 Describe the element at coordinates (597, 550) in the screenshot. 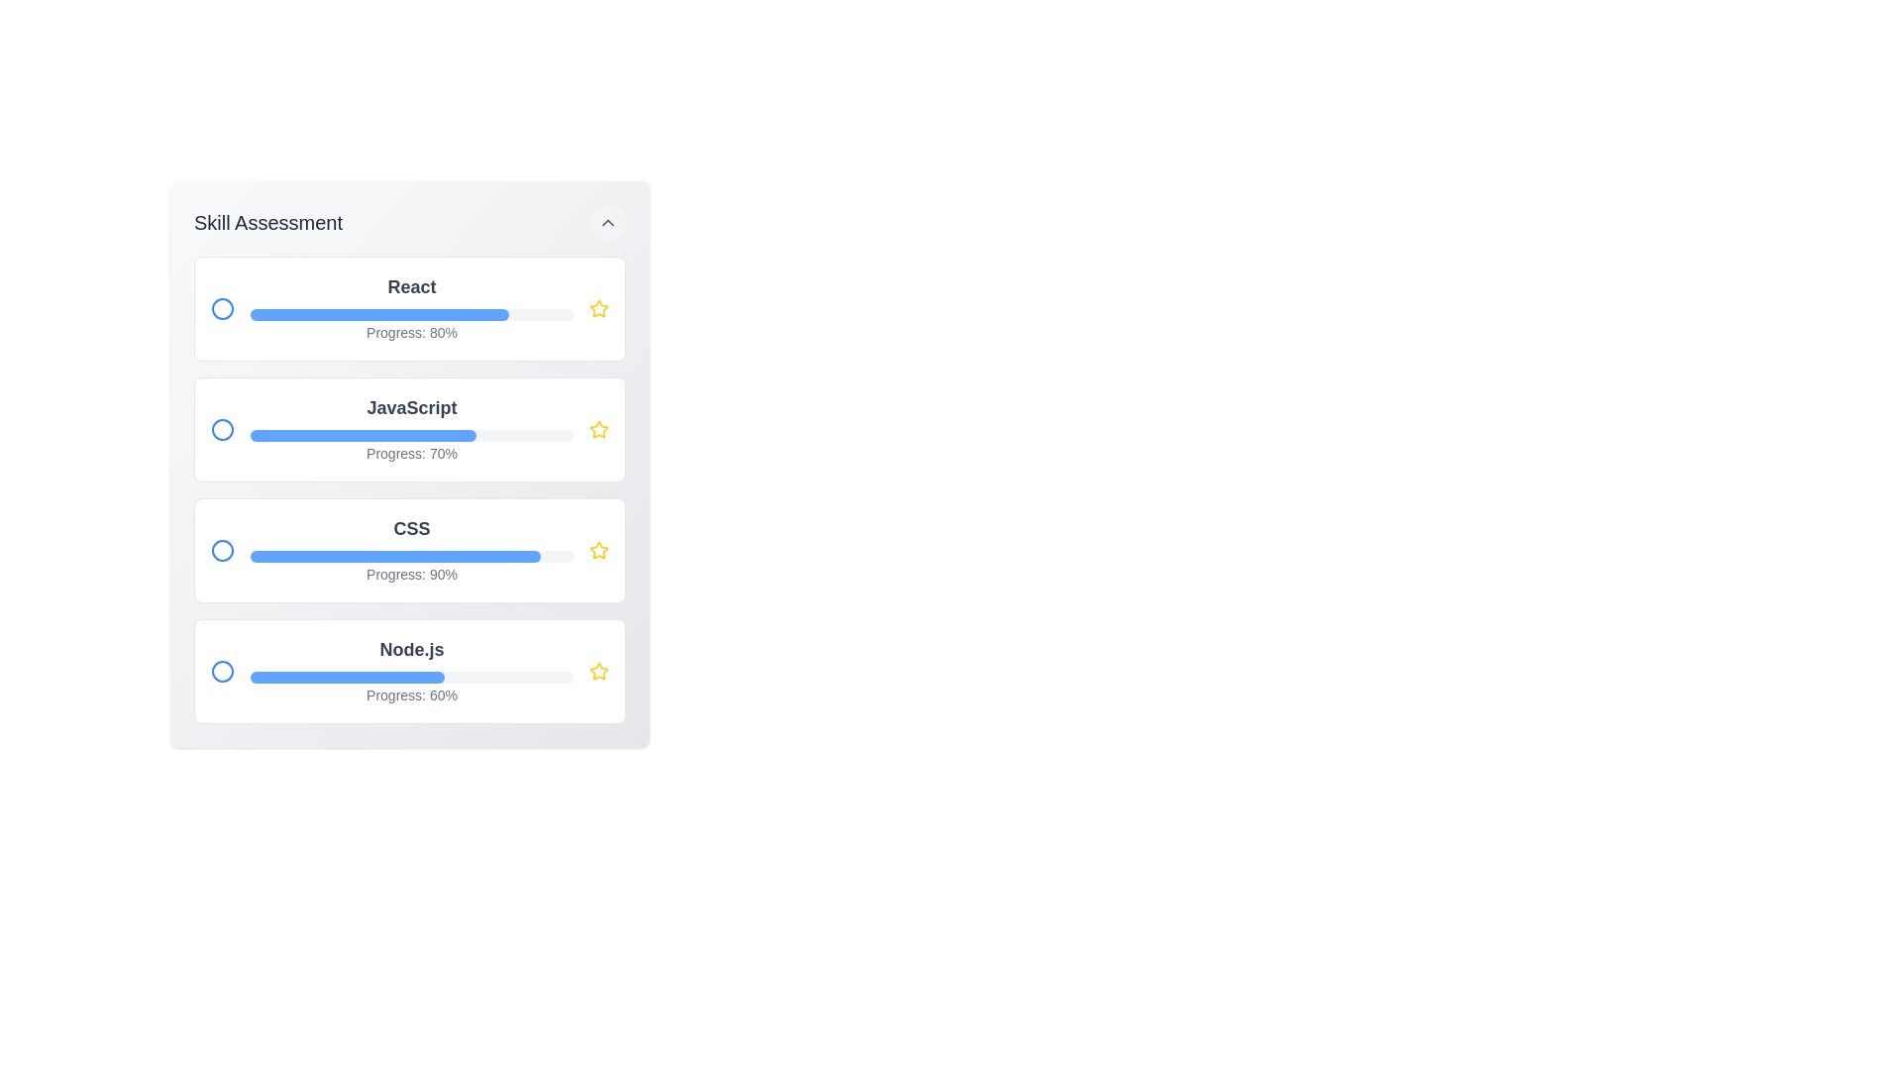

I see `the star icon to favorite the skill corresponding to CSS` at that location.